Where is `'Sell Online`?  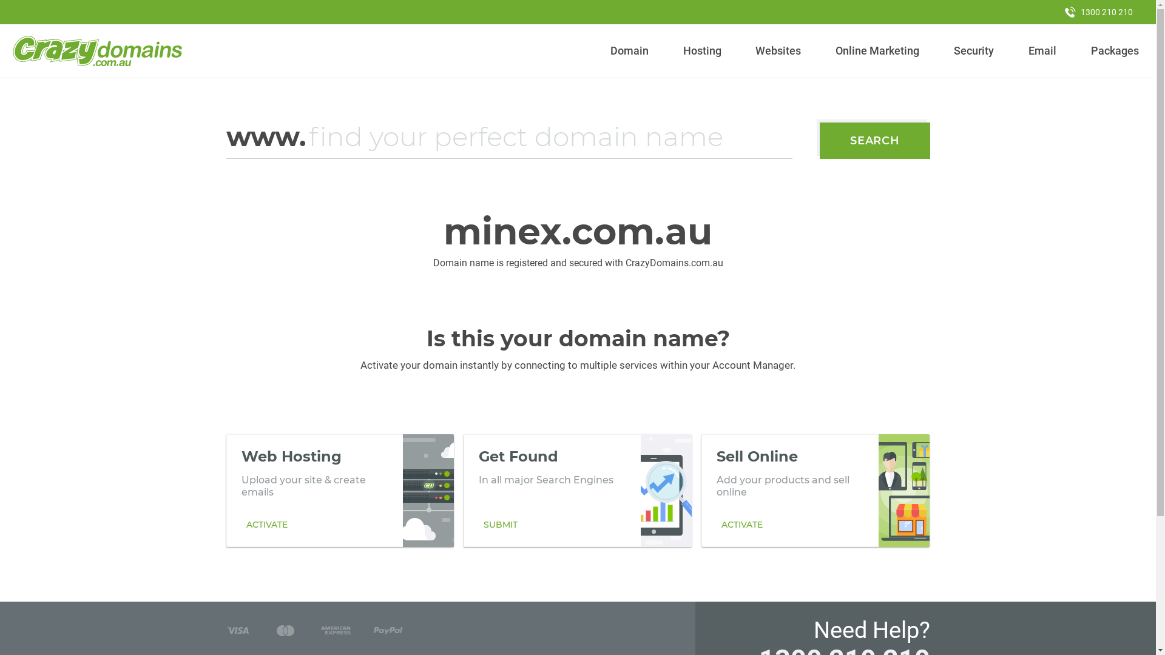 'Sell Online is located at coordinates (815, 490).